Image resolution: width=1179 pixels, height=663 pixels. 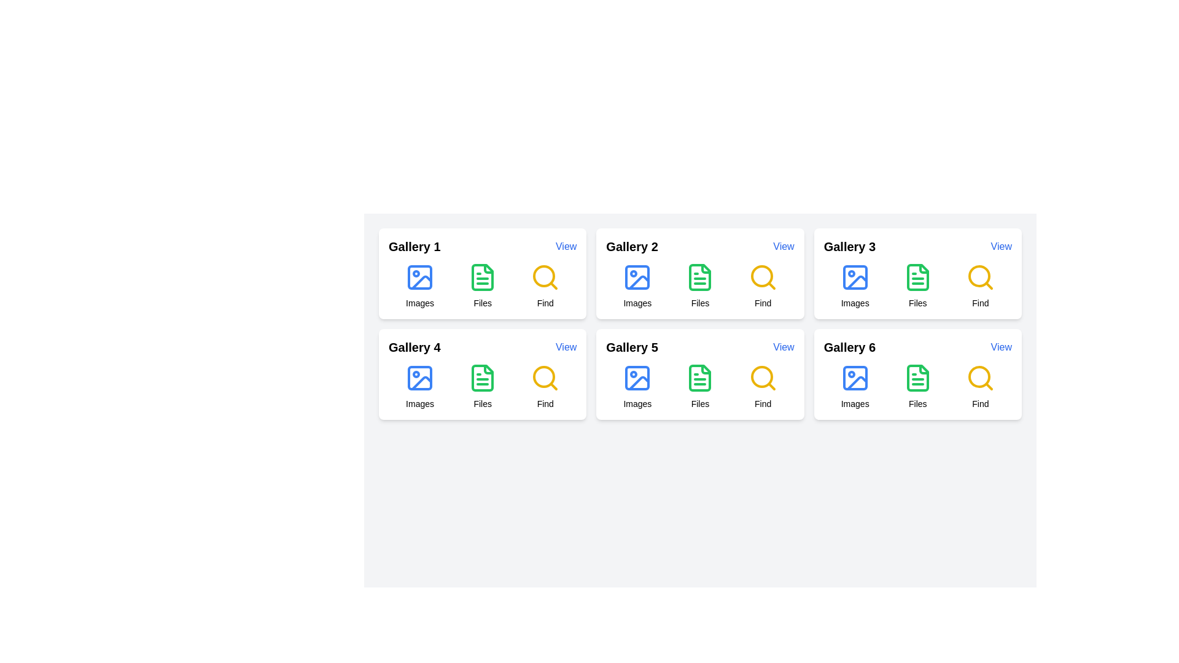 What do you see at coordinates (637, 277) in the screenshot?
I see `the background component of the icon representing an image with a mountain and a circle` at bounding box center [637, 277].